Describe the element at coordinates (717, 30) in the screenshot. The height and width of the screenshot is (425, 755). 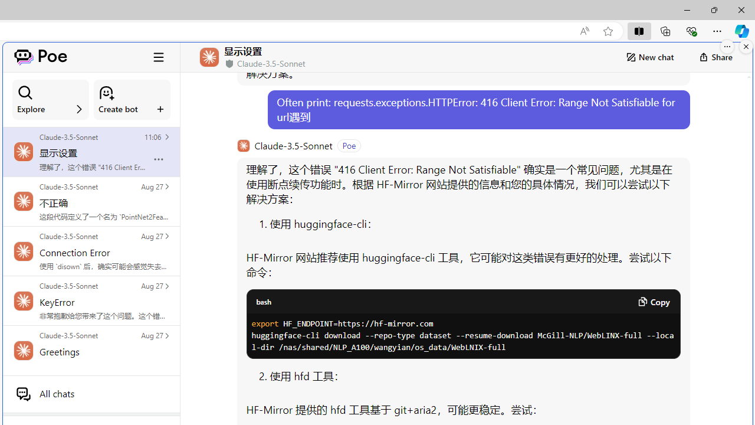
I see `'Settings and more (Alt+F)'` at that location.